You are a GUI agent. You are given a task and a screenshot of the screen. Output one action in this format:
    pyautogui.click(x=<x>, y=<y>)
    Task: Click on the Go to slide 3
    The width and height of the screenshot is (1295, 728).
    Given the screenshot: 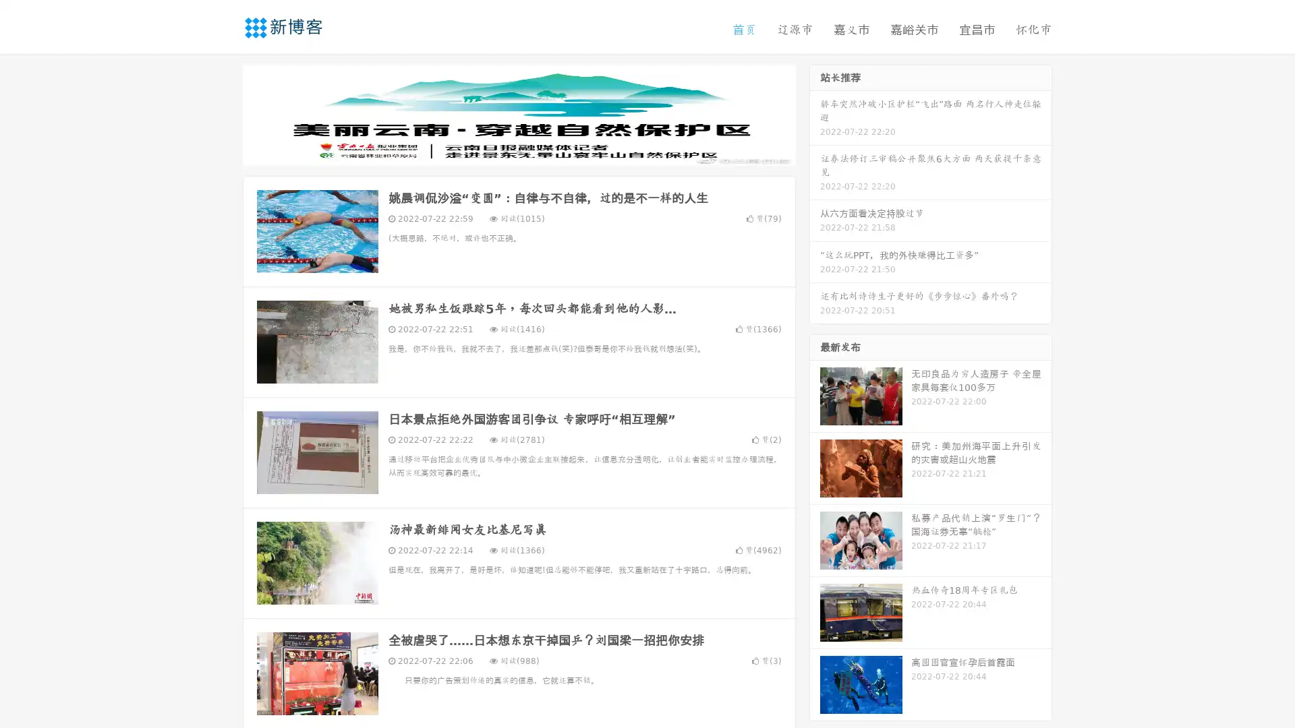 What is the action you would take?
    pyautogui.click(x=532, y=152)
    